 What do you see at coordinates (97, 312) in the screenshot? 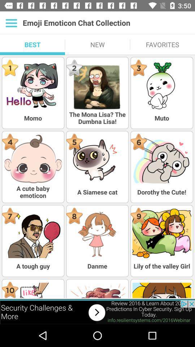
I see `this website` at bounding box center [97, 312].